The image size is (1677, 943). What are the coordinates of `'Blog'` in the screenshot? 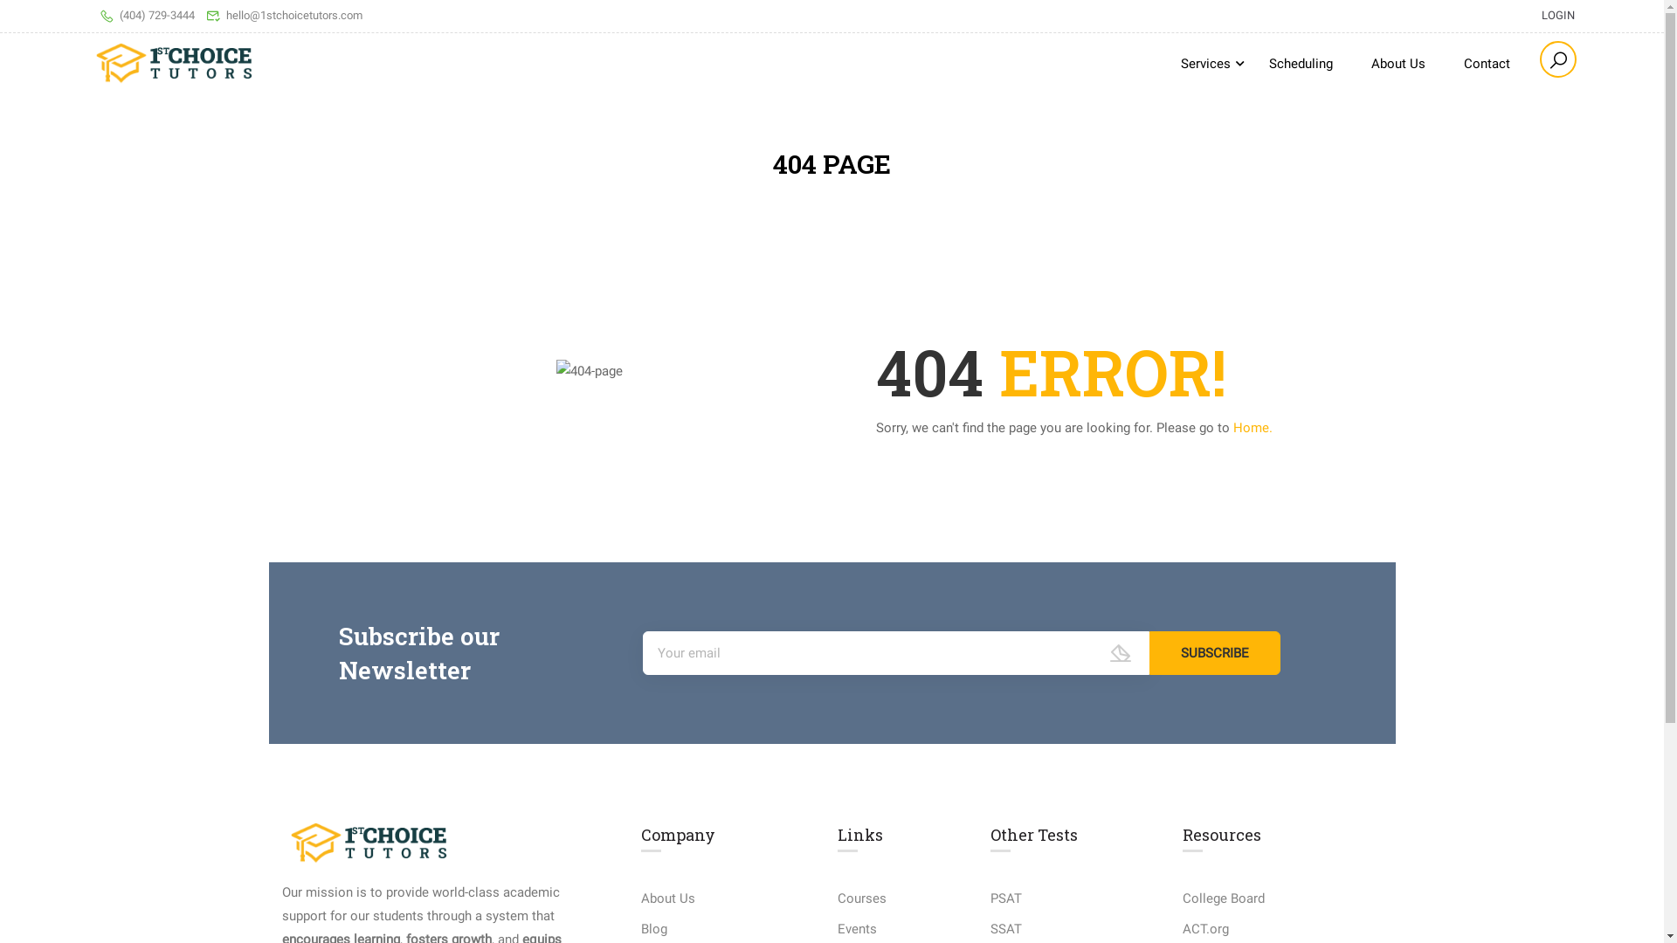 It's located at (652, 928).